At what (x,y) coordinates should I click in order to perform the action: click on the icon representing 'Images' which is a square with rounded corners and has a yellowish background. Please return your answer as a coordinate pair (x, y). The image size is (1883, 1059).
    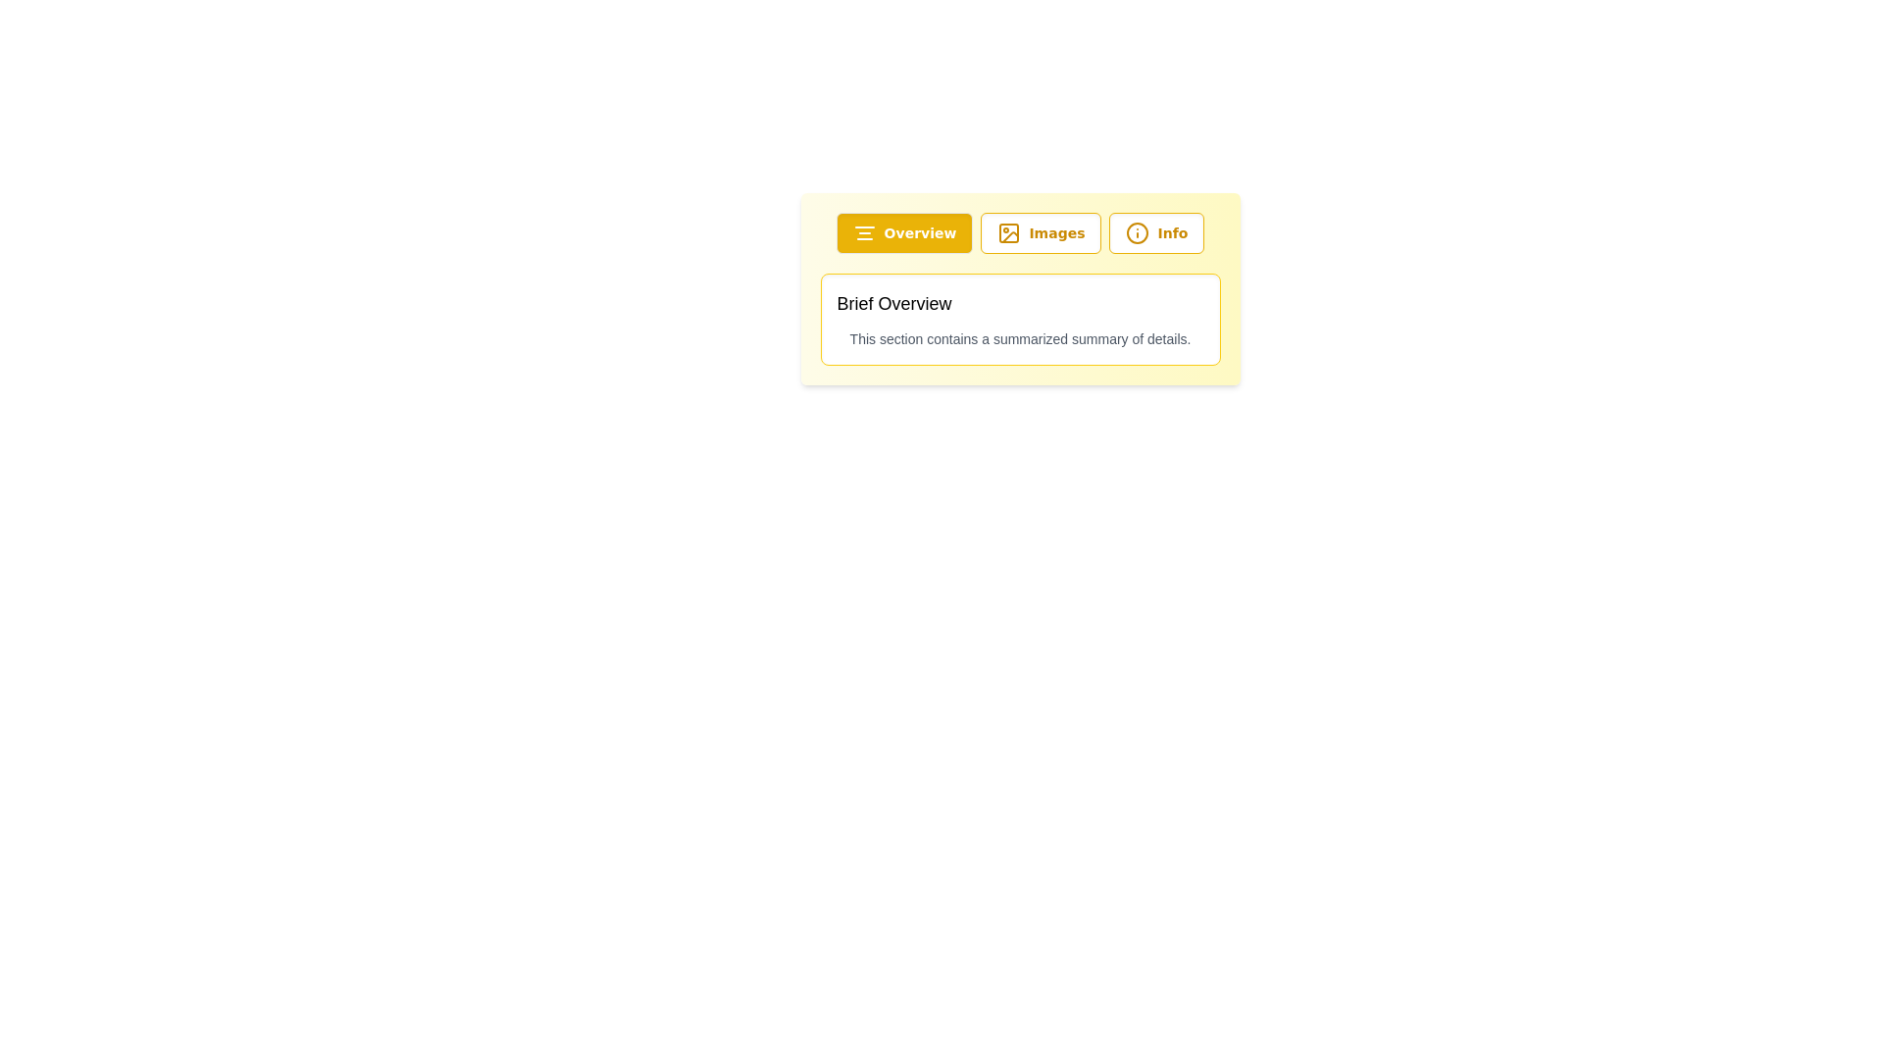
    Looking at the image, I should click on (1009, 232).